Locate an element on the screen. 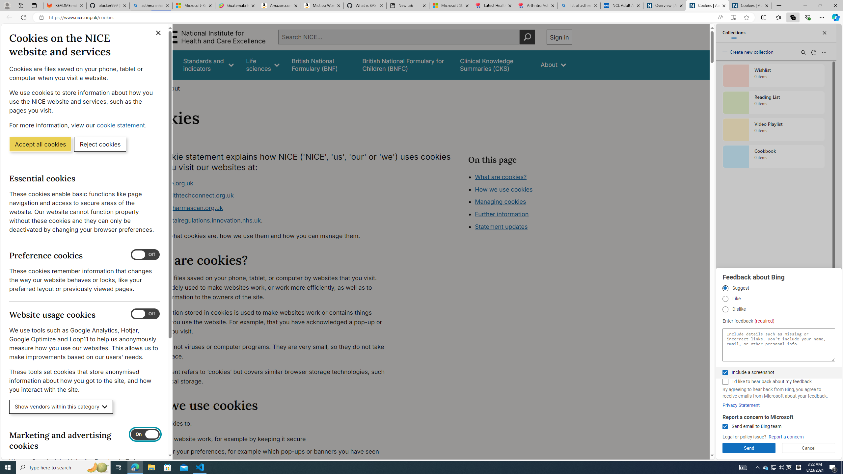 The image size is (843, 474). 'Home>' is located at coordinates (150, 88).